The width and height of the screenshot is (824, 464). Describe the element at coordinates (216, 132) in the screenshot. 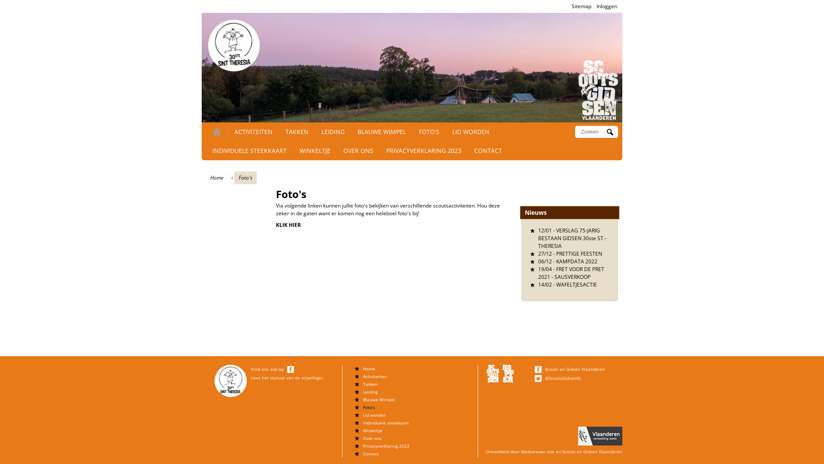

I see `'HOME'` at that location.